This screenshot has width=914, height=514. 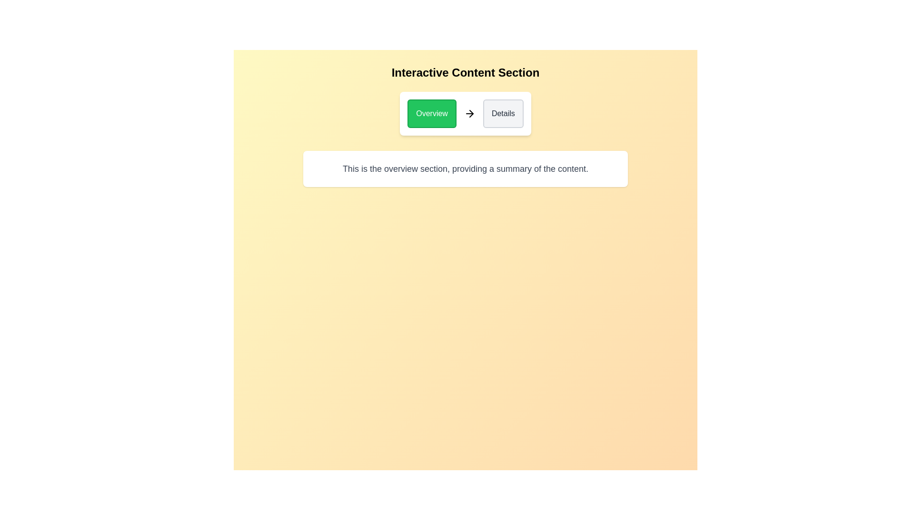 I want to click on the Overview button to switch to the respective section, so click(x=431, y=113).